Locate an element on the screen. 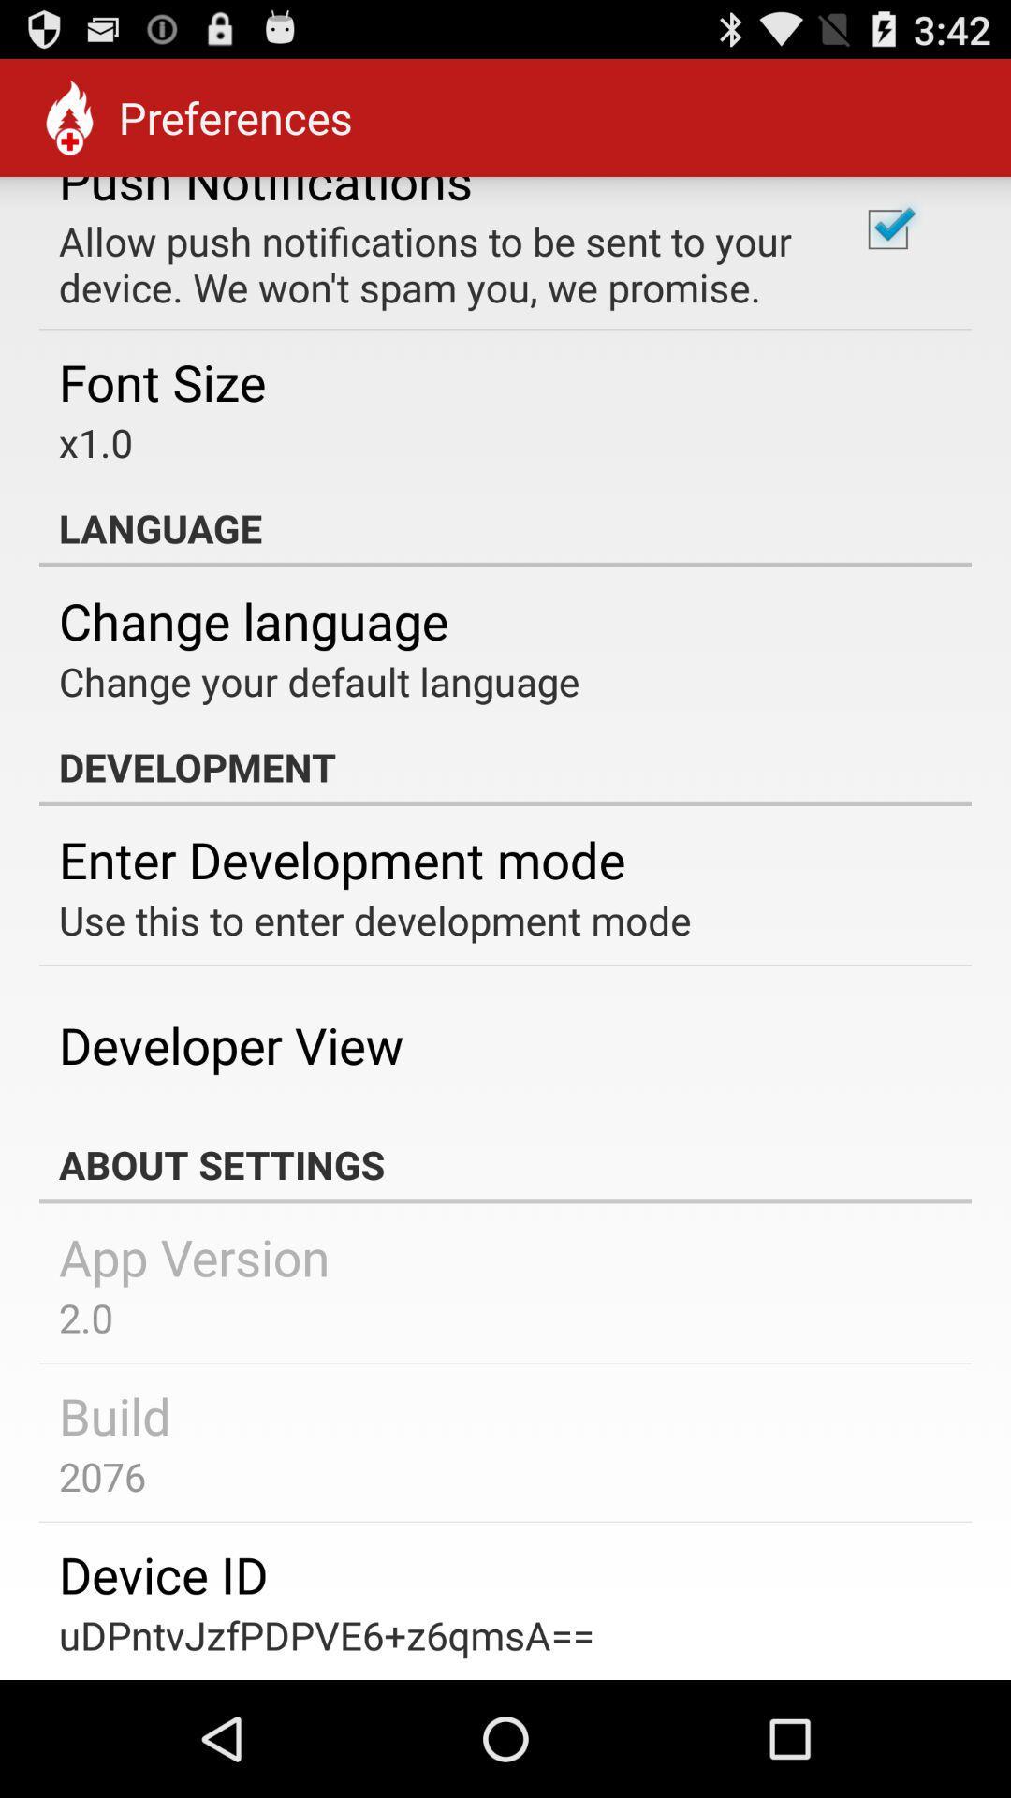 This screenshot has width=1011, height=1798. the item above the developer view icon is located at coordinates (374, 920).